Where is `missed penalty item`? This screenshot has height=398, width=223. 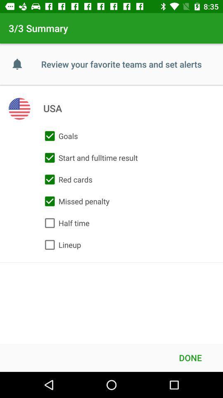 missed penalty item is located at coordinates (75, 201).